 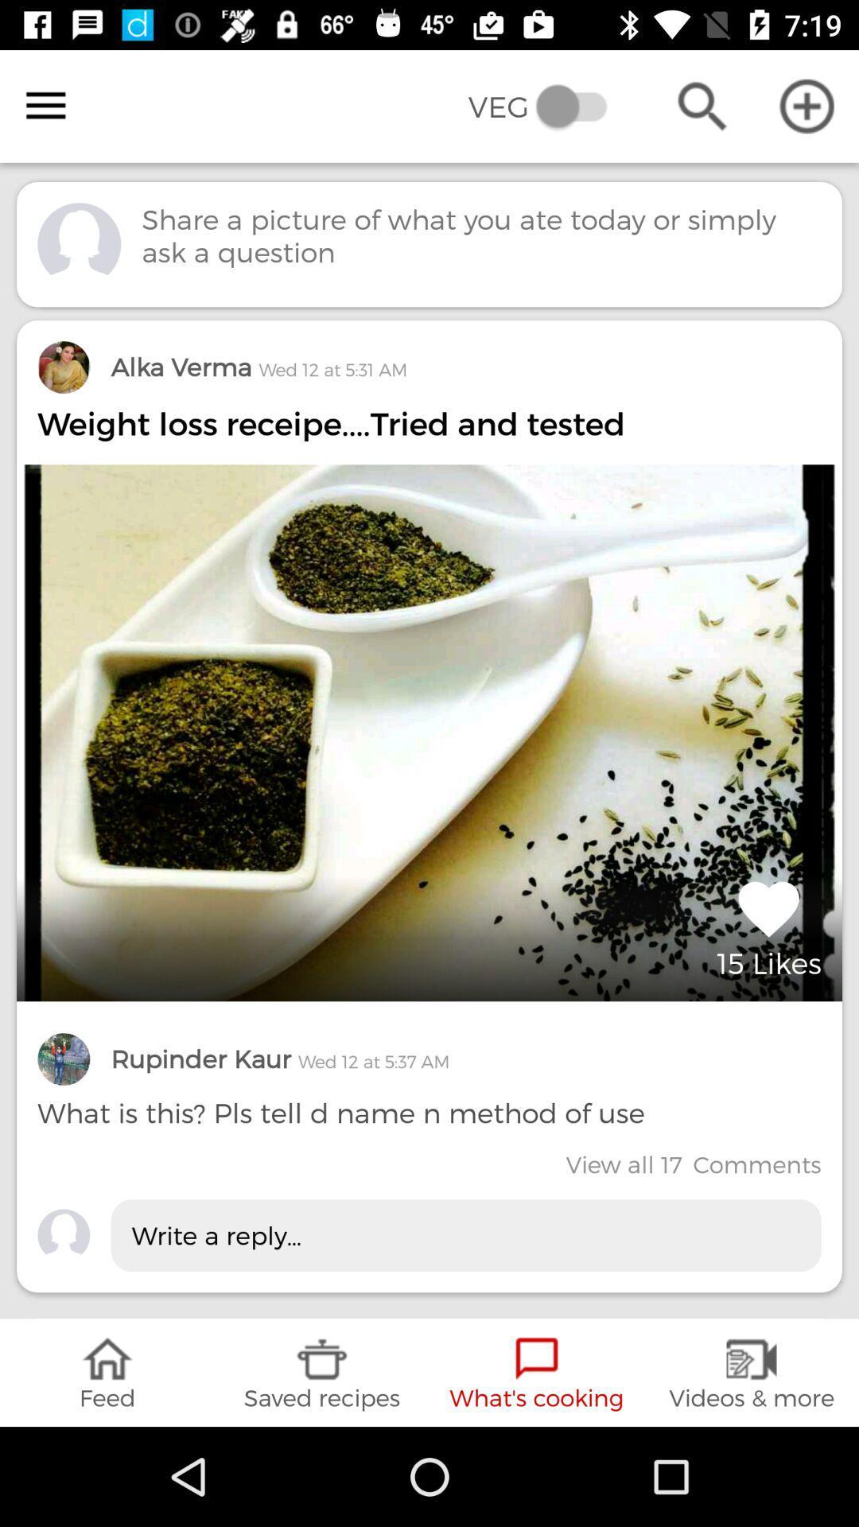 I want to click on icon next to videos & more item, so click(x=537, y=1372).